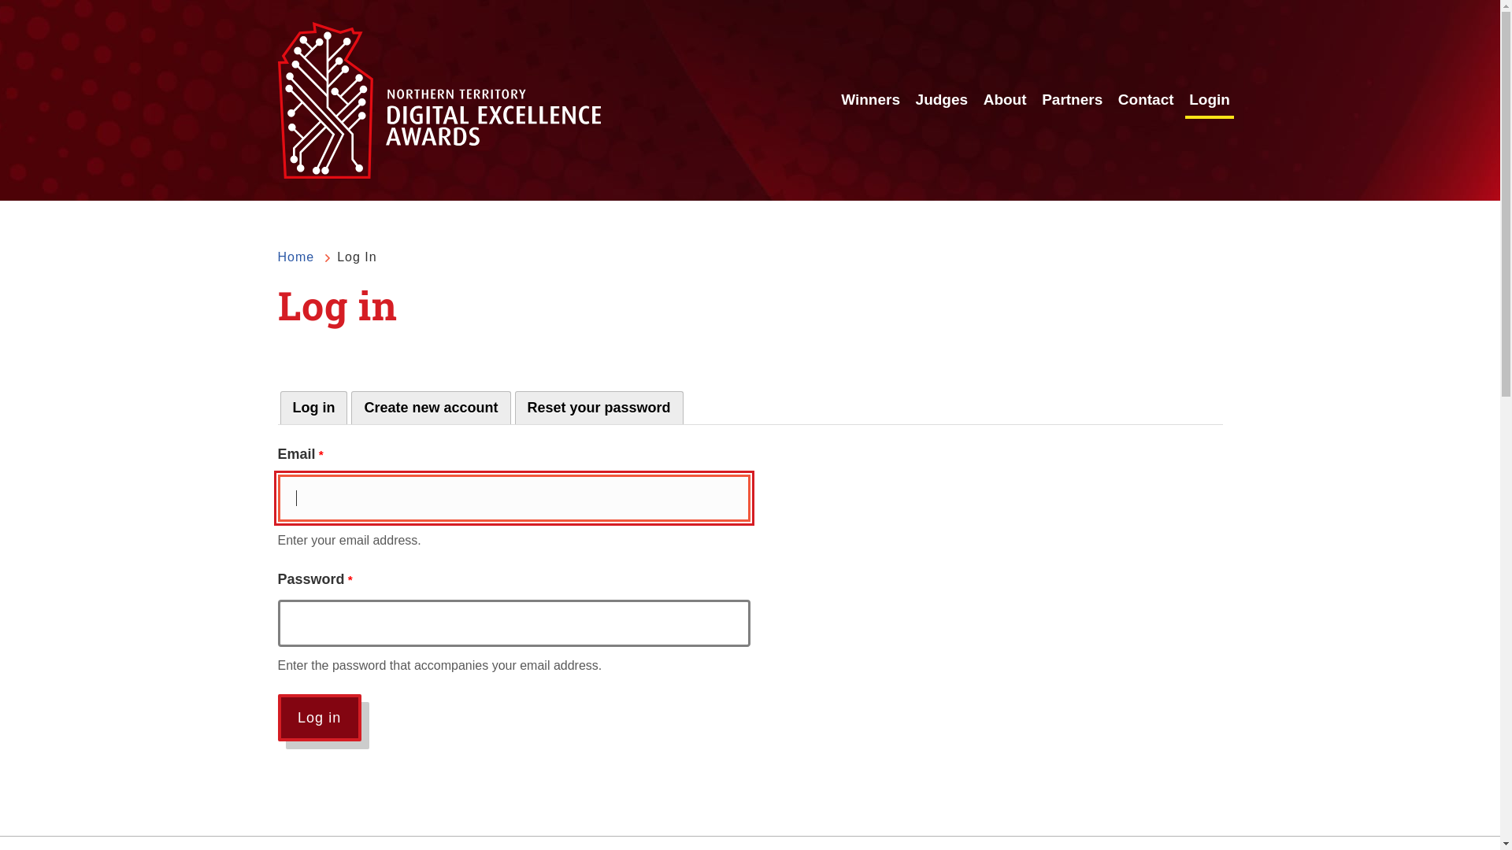 This screenshot has width=1512, height=850. Describe the element at coordinates (942, 100) in the screenshot. I see `'Judges'` at that location.